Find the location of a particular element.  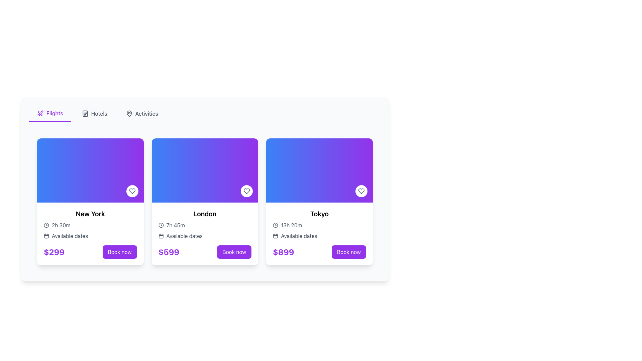

the SVG circle element that visually represents the border of a clock icon, located near the top-right of the context image is located at coordinates (276, 225).